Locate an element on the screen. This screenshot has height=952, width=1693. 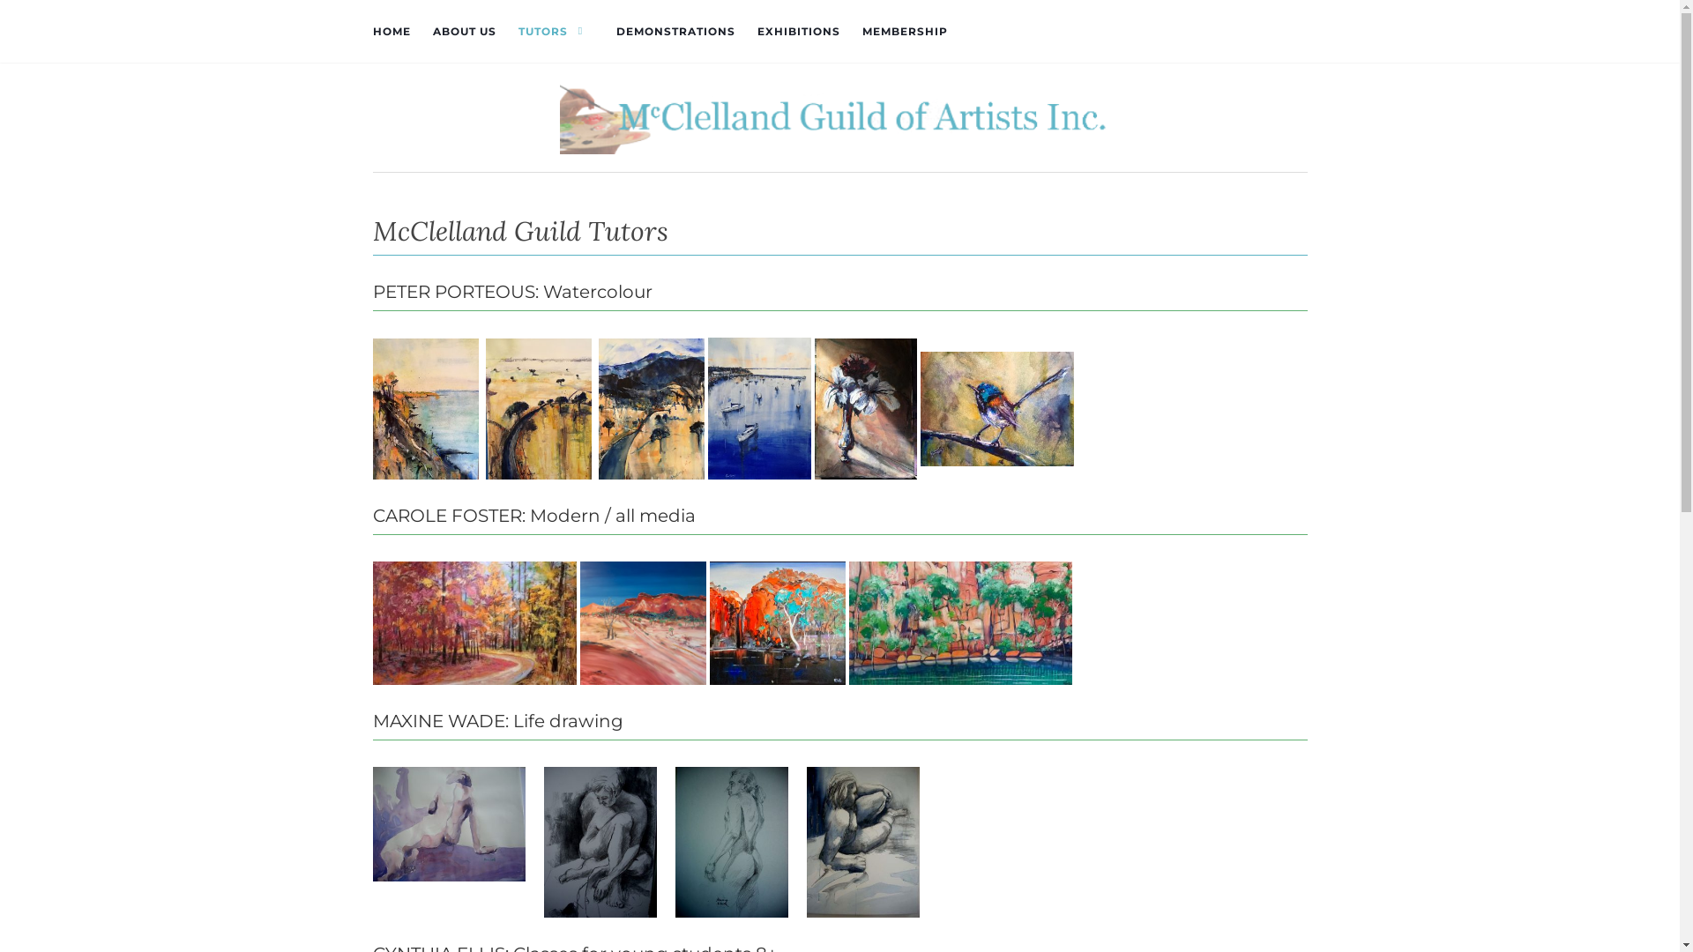
'DEMONSTRATIONS' is located at coordinates (615, 31).